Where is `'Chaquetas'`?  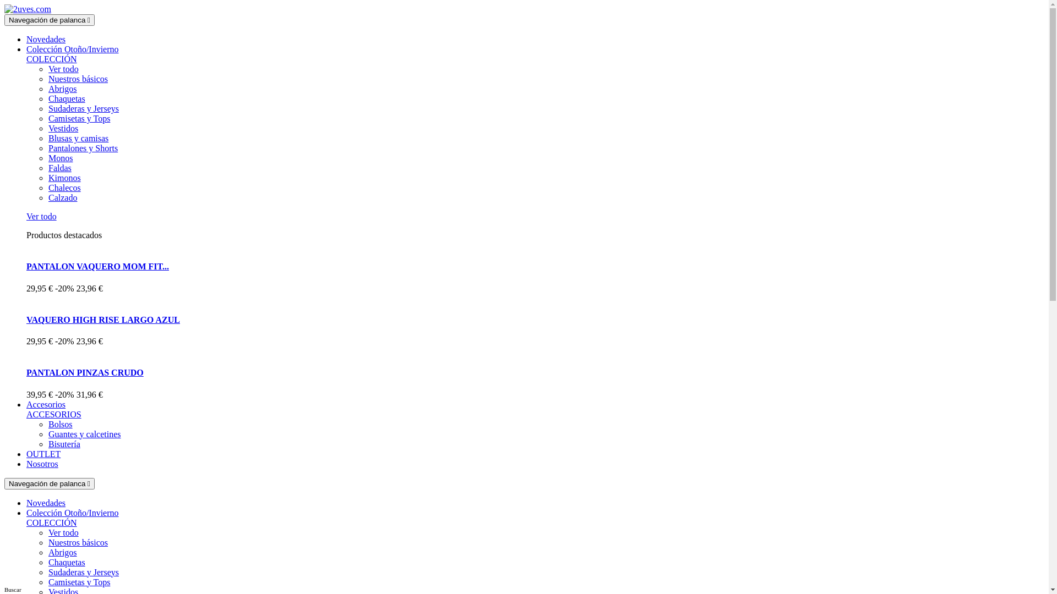
'Chaquetas' is located at coordinates (47, 562).